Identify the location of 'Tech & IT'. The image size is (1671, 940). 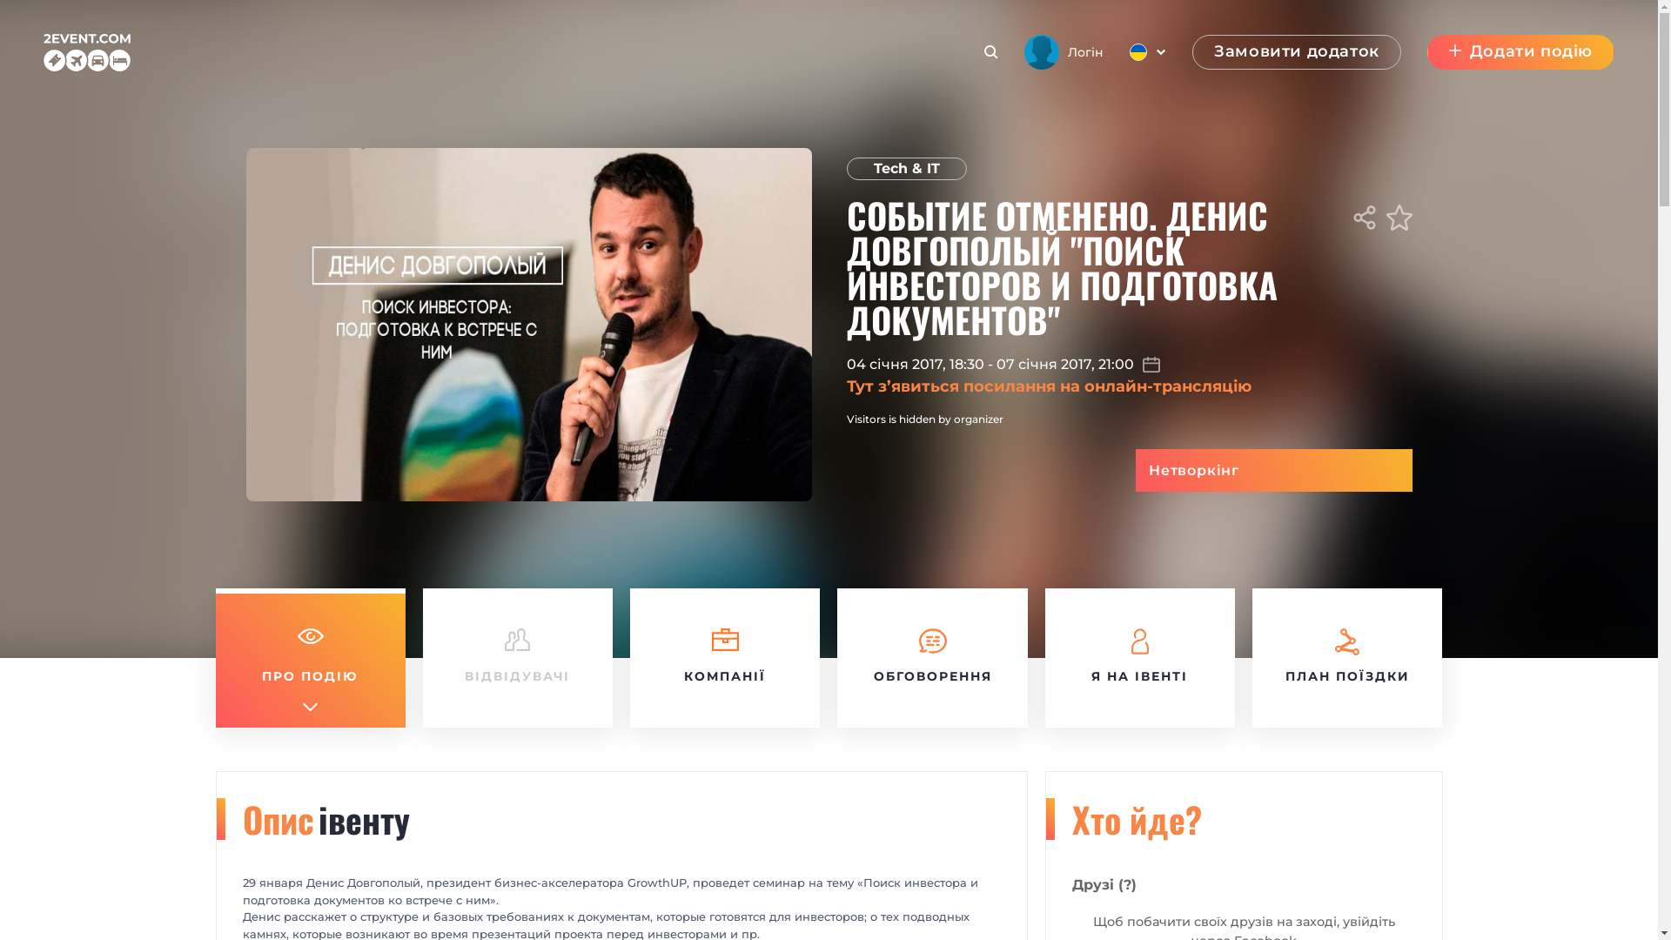
(845, 168).